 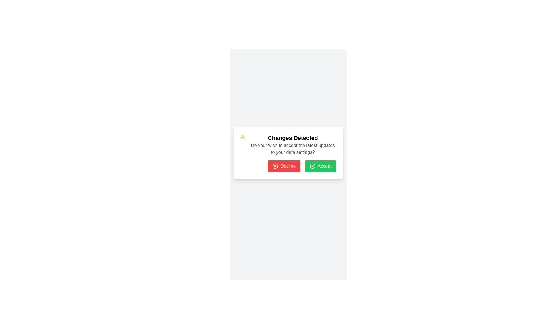 What do you see at coordinates (293, 138) in the screenshot?
I see `the bold text label reading 'Changes Detected' at the top center of the notification card` at bounding box center [293, 138].